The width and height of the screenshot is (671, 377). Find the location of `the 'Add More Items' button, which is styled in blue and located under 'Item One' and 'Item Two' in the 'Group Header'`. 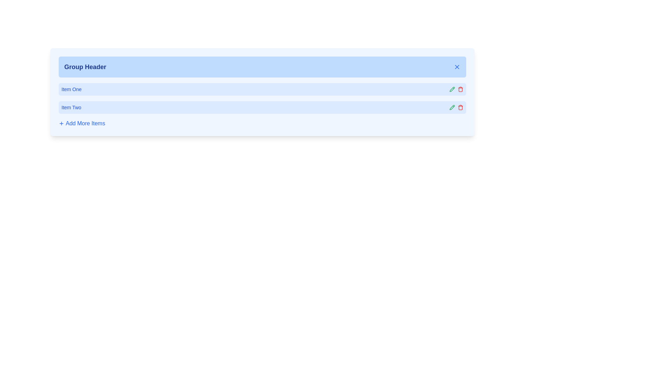

the 'Add More Items' button, which is styled in blue and located under 'Item One' and 'Item Two' in the 'Group Header' is located at coordinates (82, 123).